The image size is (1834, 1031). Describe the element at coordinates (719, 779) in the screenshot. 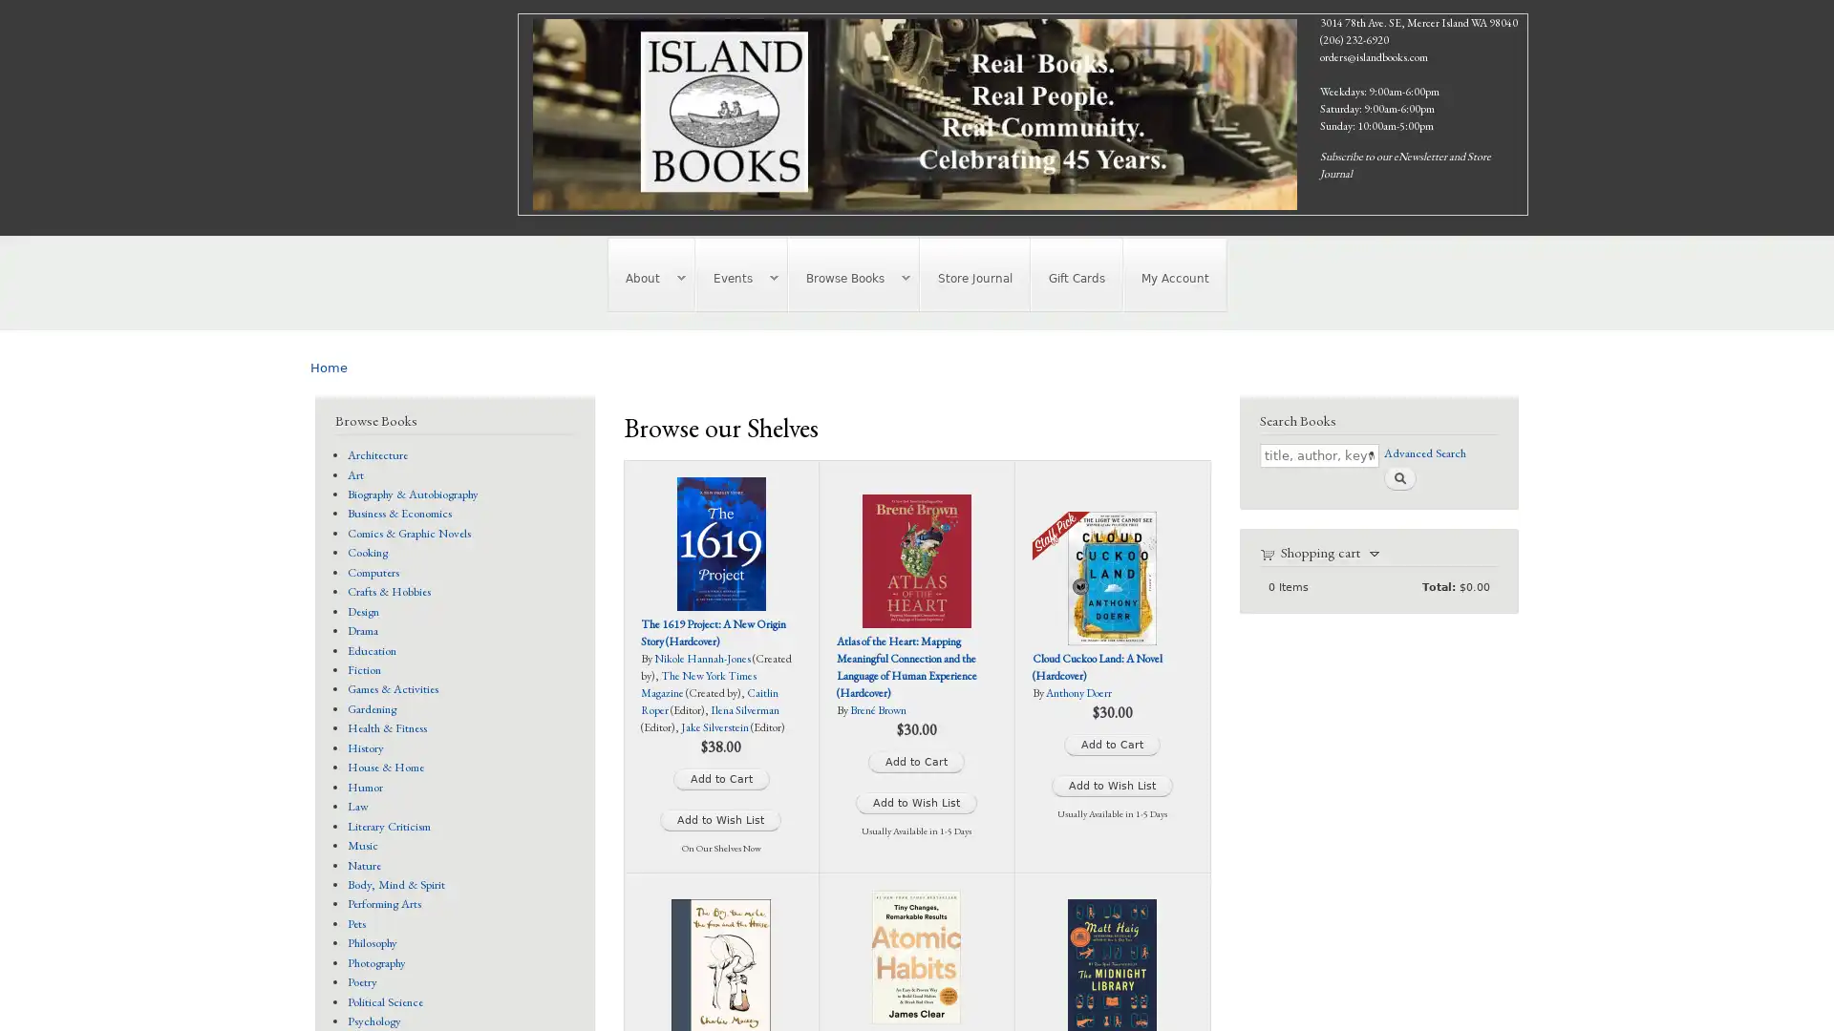

I see `Add to Cart` at that location.